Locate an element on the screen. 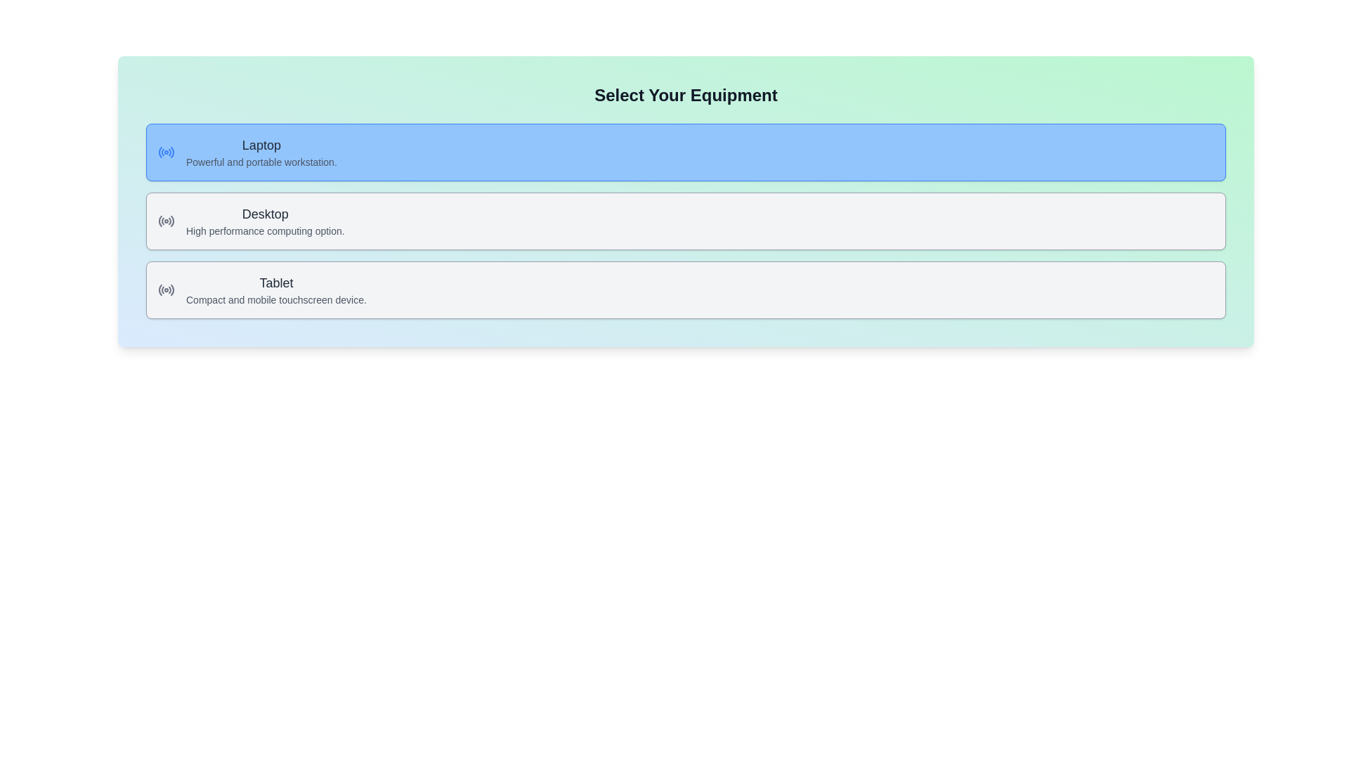  the circular SVG Icon resembling a radio wave symbol, which is vibrant blue with a red core, positioned to the left of the text 'Laptop' is located at coordinates (166, 152).